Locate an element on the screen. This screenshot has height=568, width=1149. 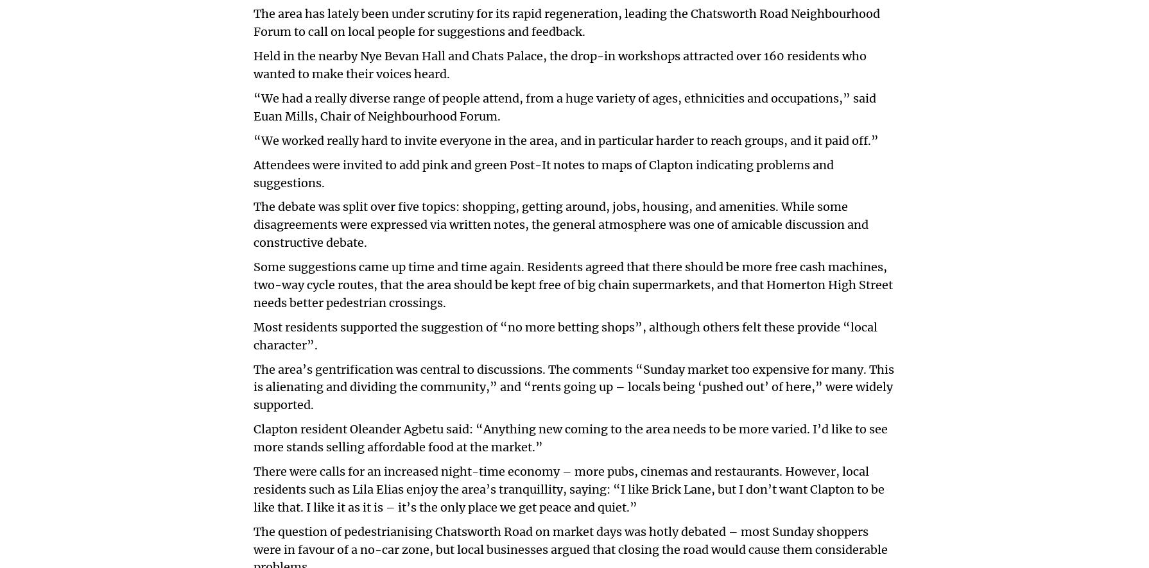
'“We worked really hard to invite everyone in the area, and in particular harder to reach groups, and it paid off.”' is located at coordinates (254, 140).